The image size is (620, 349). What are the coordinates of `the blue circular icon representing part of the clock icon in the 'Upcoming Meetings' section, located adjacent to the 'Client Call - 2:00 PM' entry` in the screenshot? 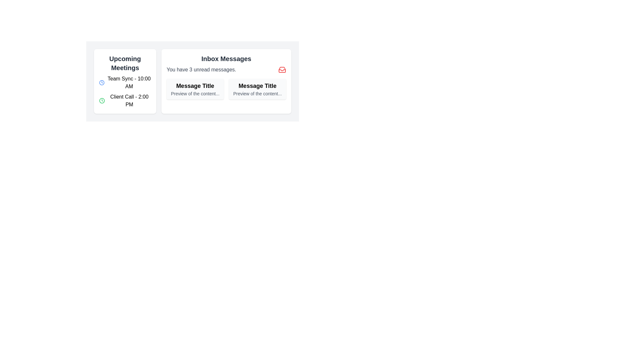 It's located at (101, 82).